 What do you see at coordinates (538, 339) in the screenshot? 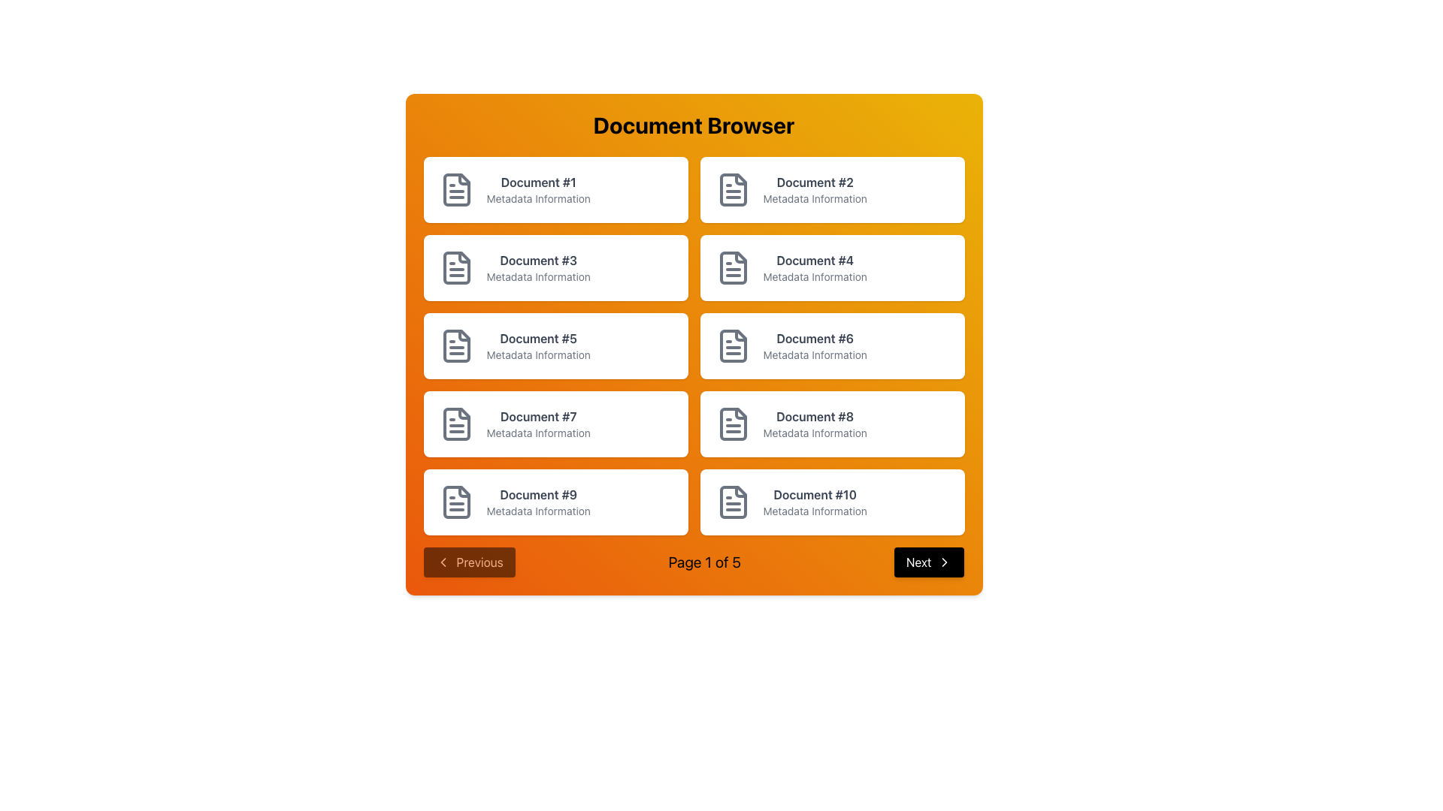
I see `the text label reading 'Document #5', which is styled with a bold font and medium gray color, located in the third row and first column of the document entries grid layout` at bounding box center [538, 339].